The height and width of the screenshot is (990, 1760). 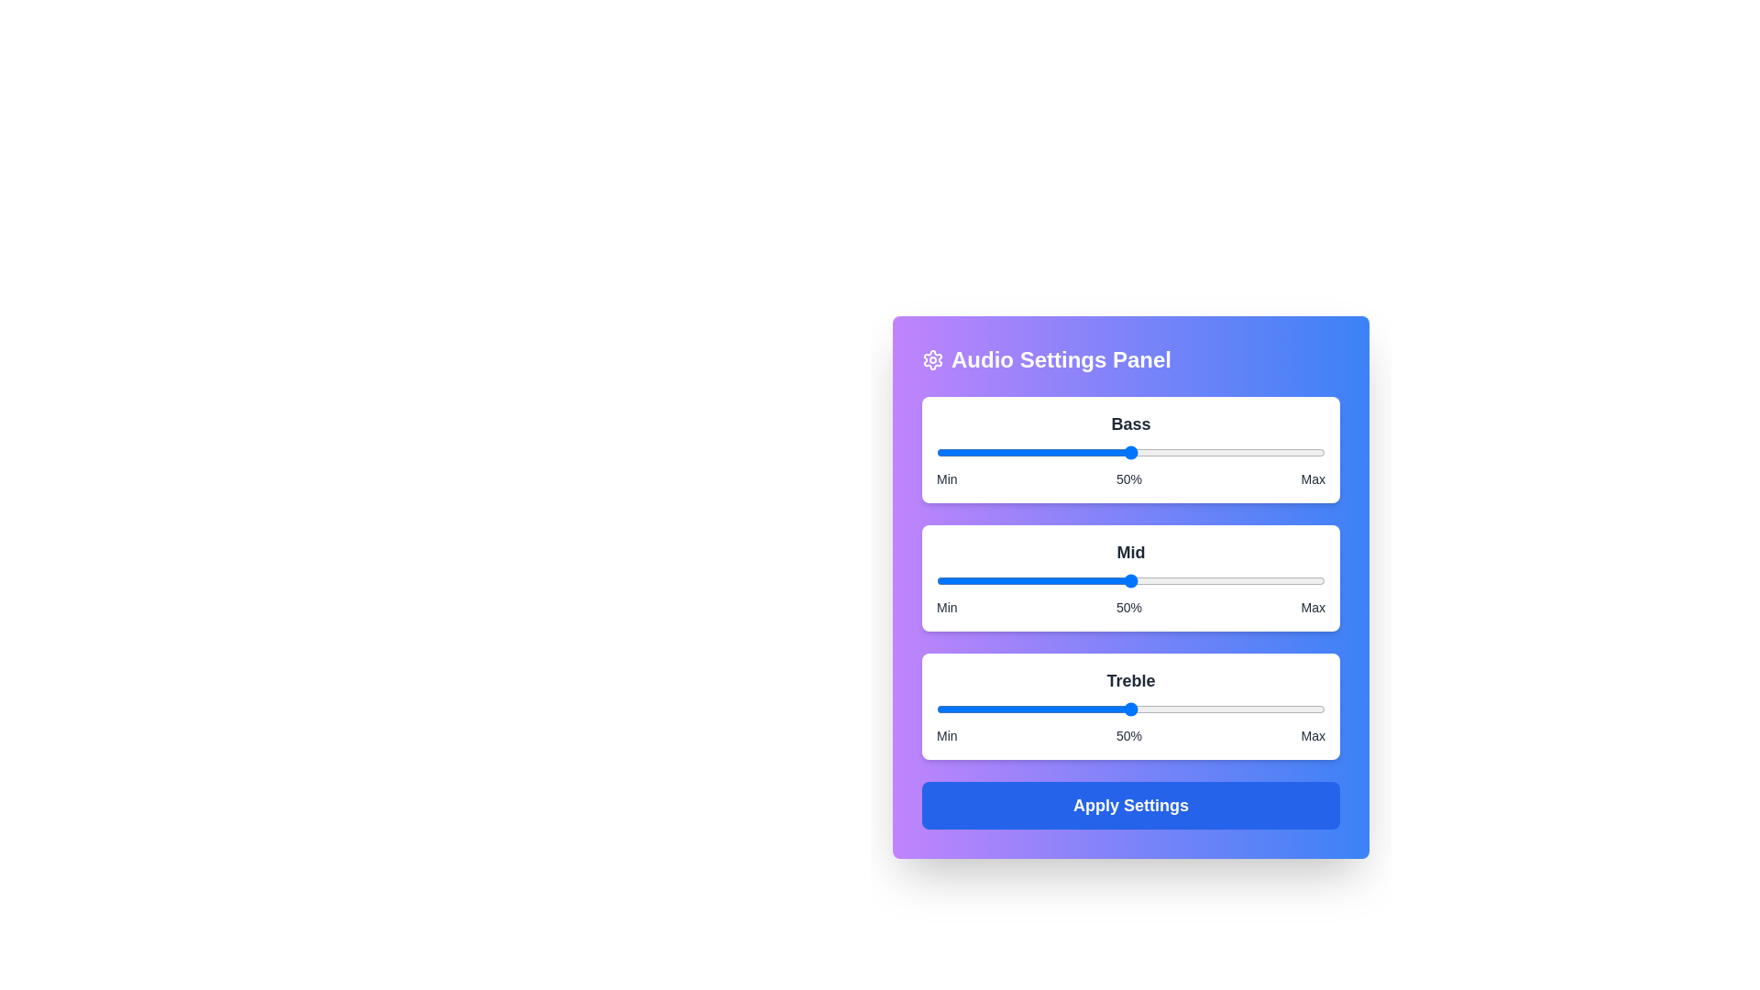 What do you see at coordinates (932, 360) in the screenshot?
I see `the cogwheel icon located in the title section of the 'Audio Settings Panel'` at bounding box center [932, 360].